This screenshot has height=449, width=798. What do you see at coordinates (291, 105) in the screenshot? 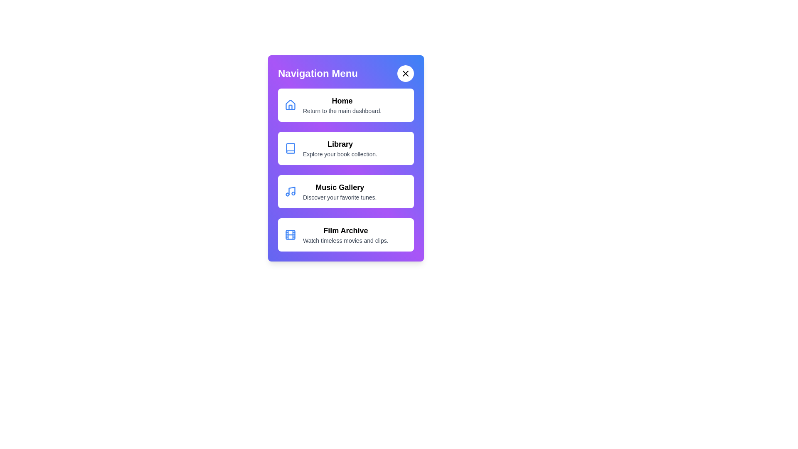
I see `the icon of the menu item labeled Home` at bounding box center [291, 105].